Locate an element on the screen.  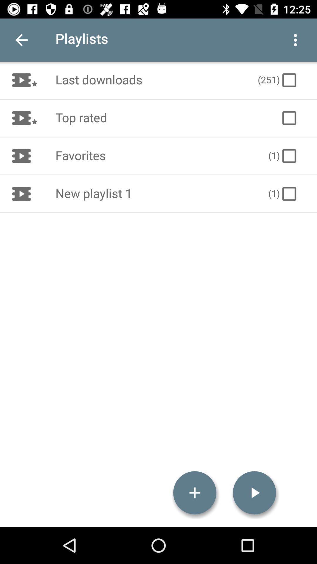
item at the center is located at coordinates (155, 194).